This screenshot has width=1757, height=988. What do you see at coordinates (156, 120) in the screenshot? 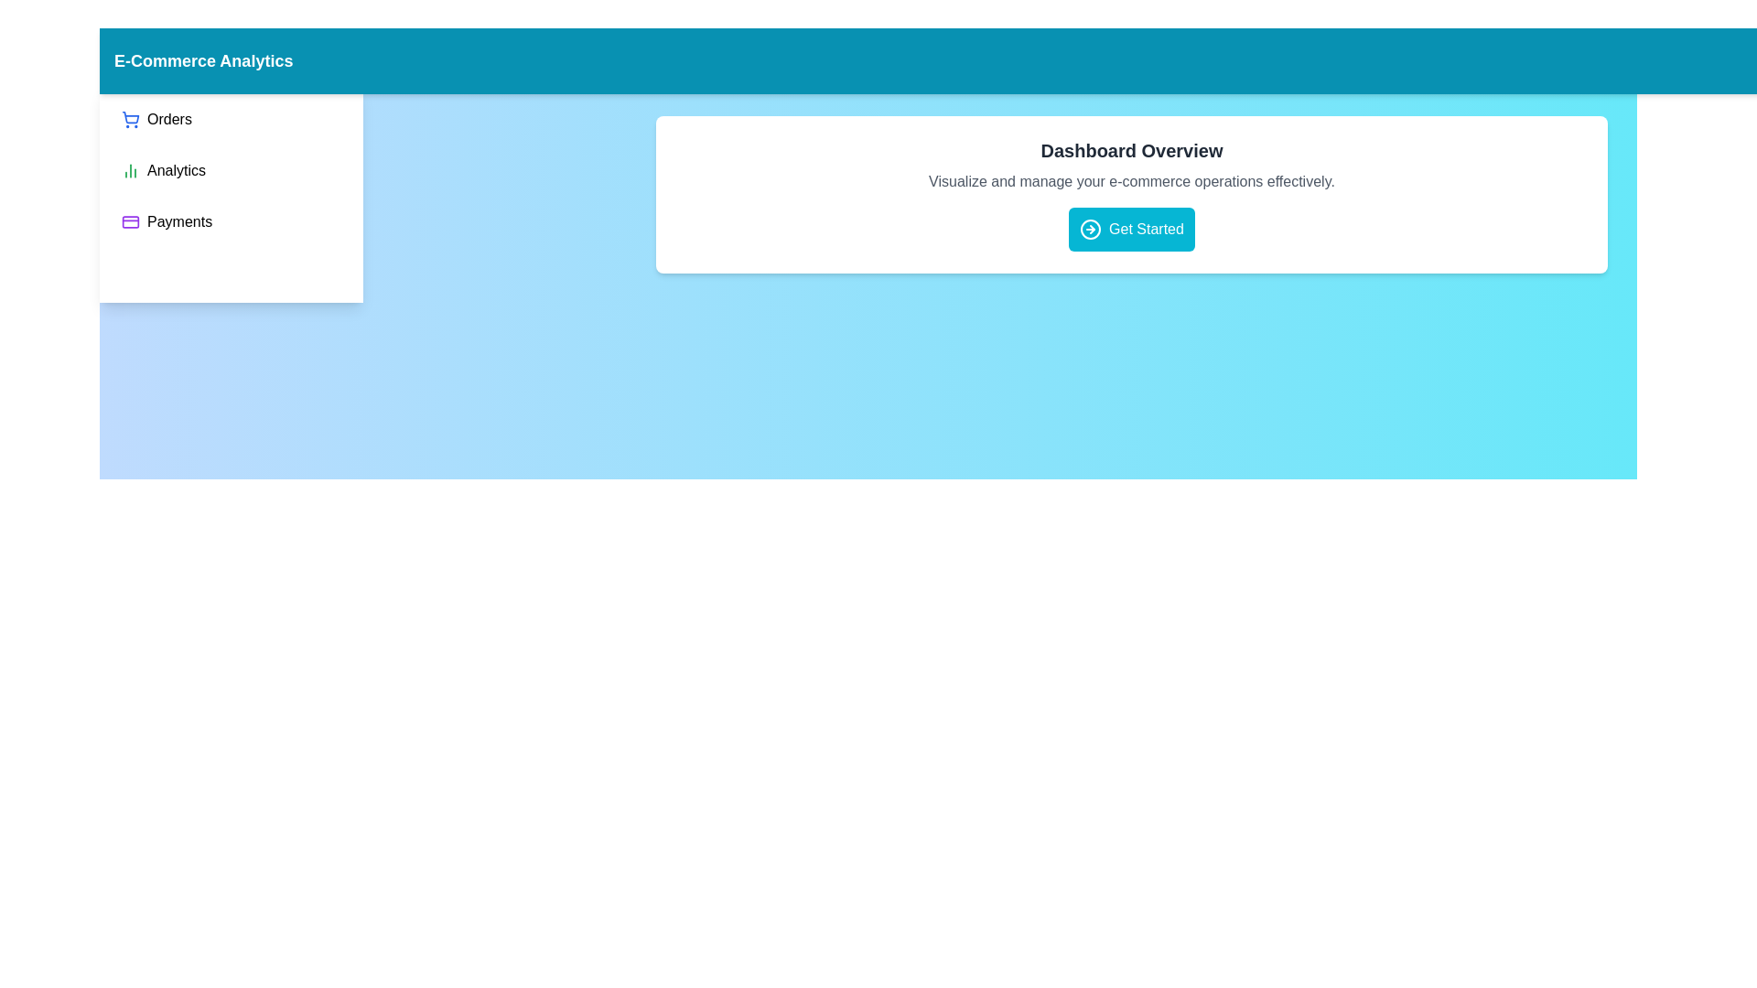
I see `the first item in the navigation menu located at the top of the sidebar` at bounding box center [156, 120].